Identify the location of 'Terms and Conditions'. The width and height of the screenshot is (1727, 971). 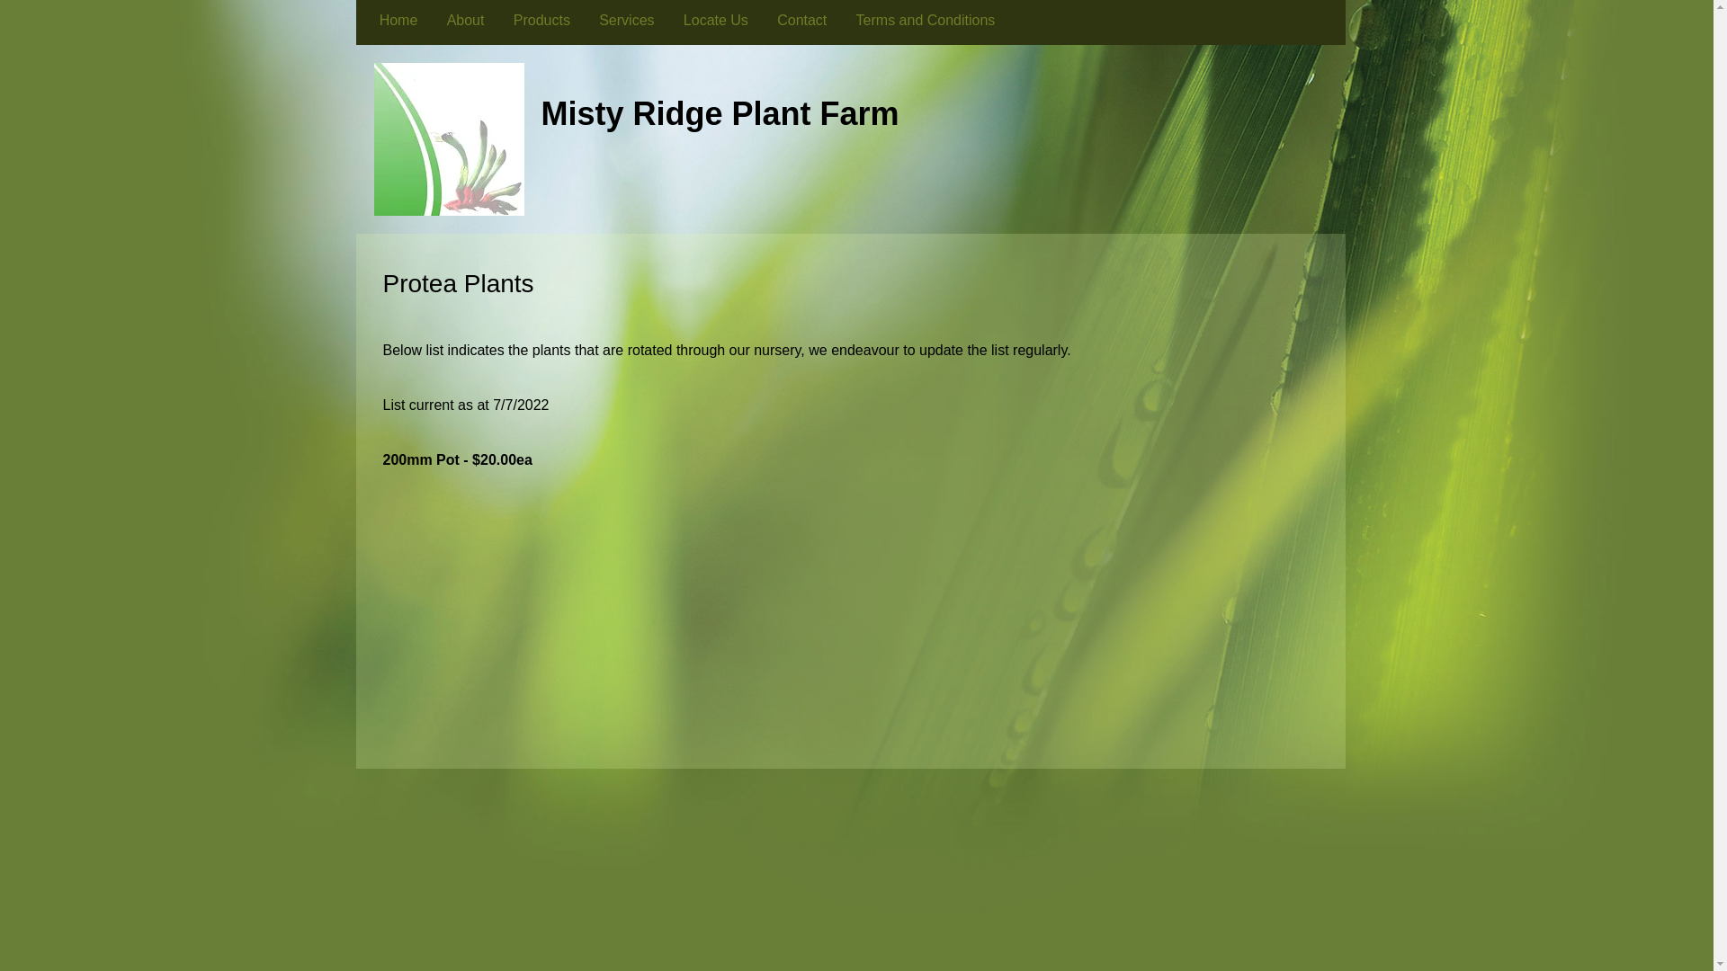
(925, 21).